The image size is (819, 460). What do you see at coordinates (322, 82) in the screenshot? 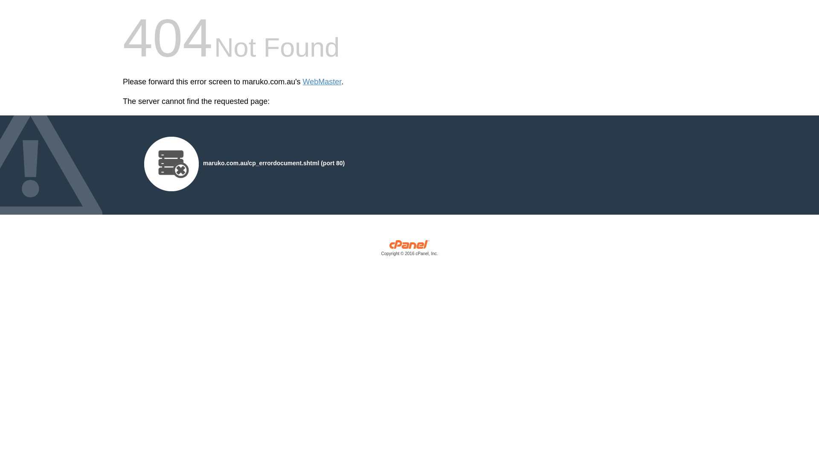
I see `'WebMaster'` at bounding box center [322, 82].